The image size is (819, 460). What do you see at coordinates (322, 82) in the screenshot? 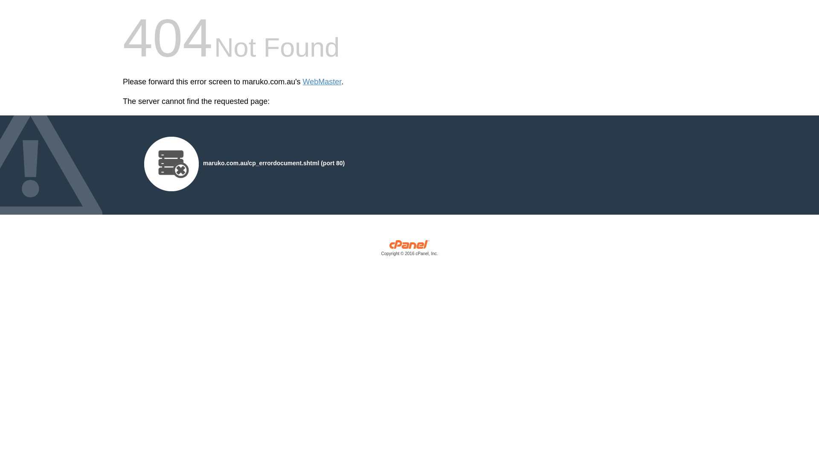
I see `'WebMaster'` at bounding box center [322, 82].